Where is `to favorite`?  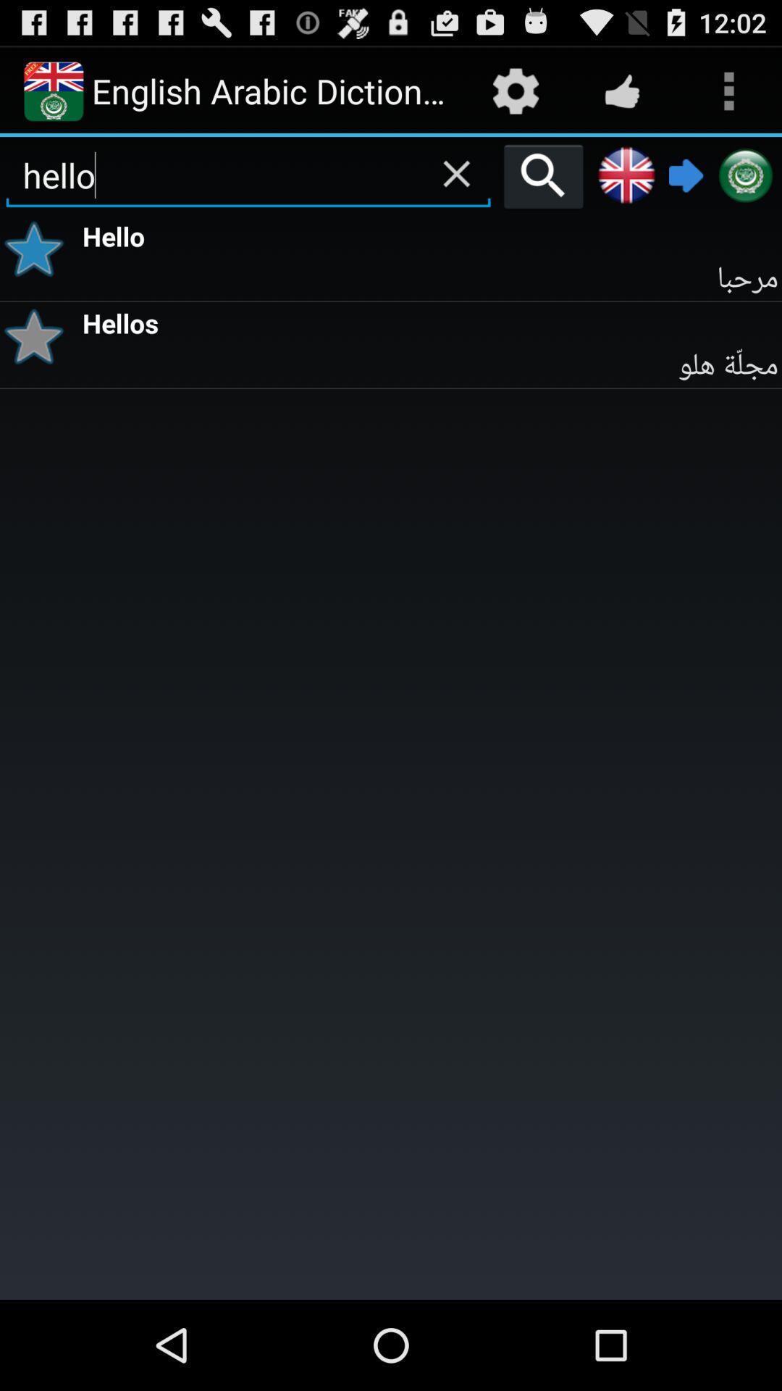
to favorite is located at coordinates (38, 335).